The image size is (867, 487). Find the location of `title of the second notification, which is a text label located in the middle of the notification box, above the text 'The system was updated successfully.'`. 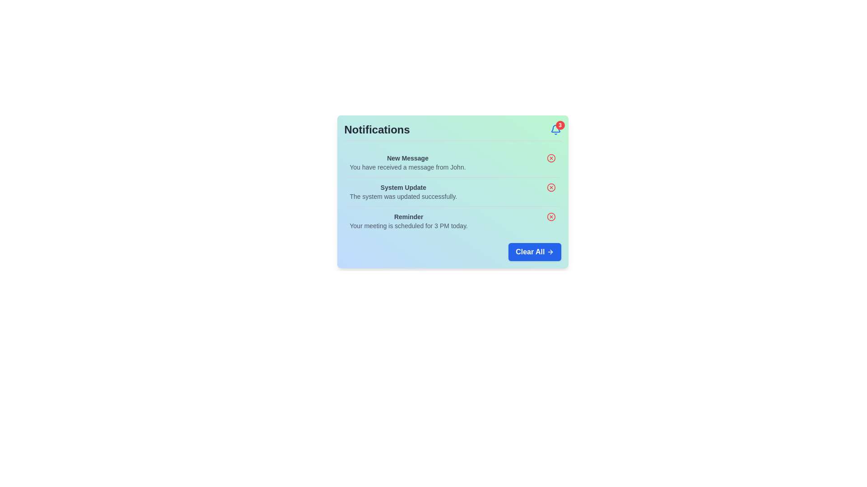

title of the second notification, which is a text label located in the middle of the notification box, above the text 'The system was updated successfully.' is located at coordinates (403, 187).